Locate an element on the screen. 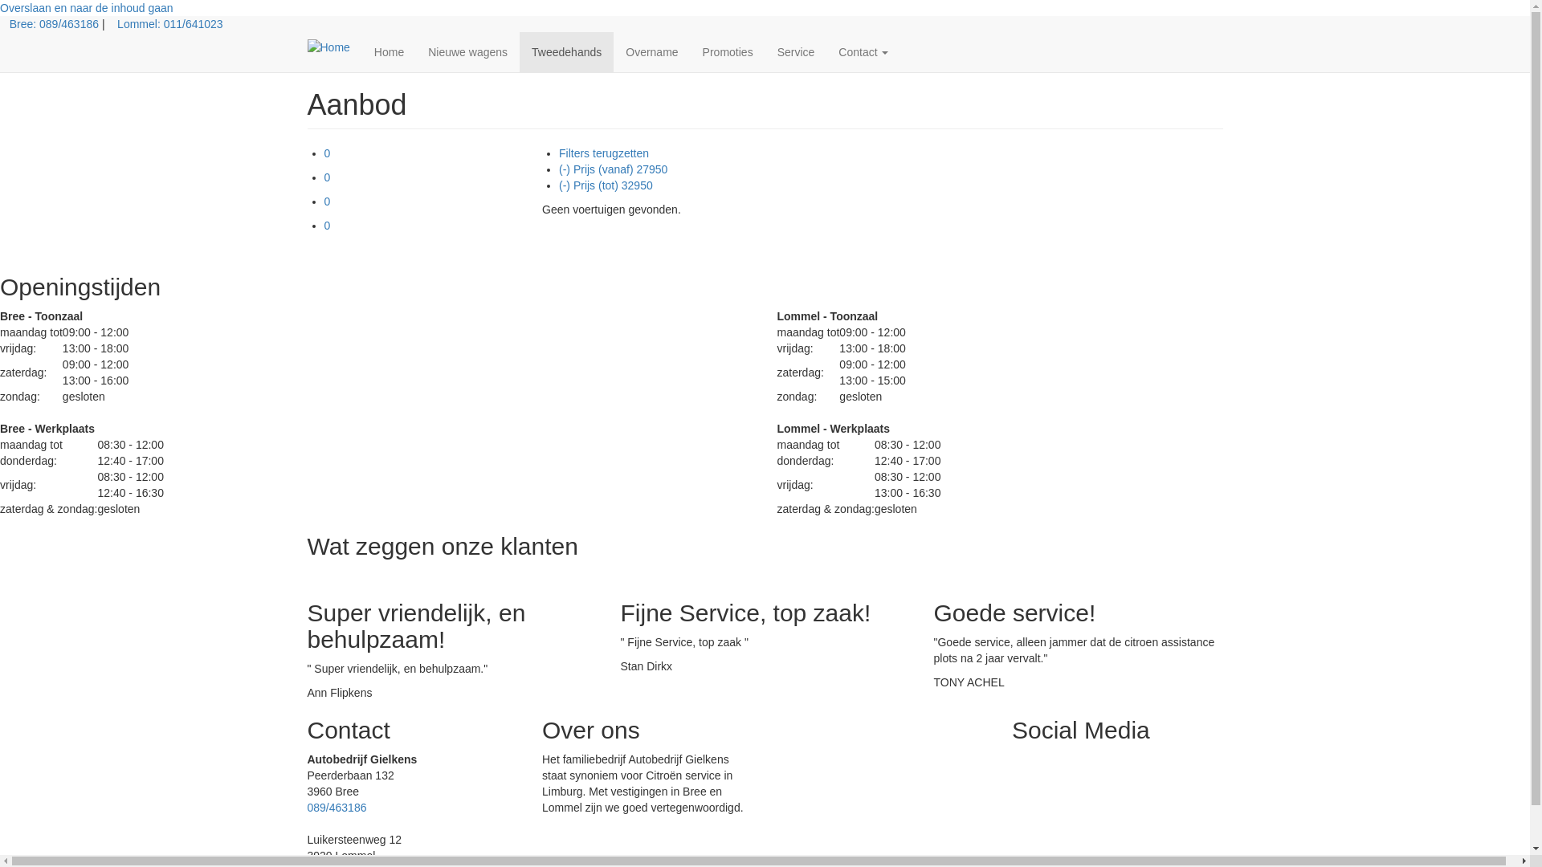 The image size is (1542, 867). 'Home' is located at coordinates (333, 46).